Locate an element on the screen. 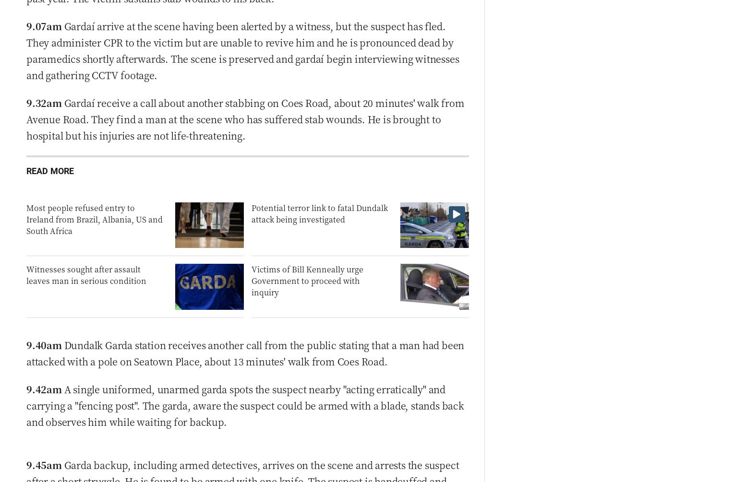 The height and width of the screenshot is (482, 744). 'A single uniformed, unarmed garda spots the suspect nearby "acting erratically" and carrying a "fencing post". The garda, aware the suspect could be armed with a blade, stands back and observes him while waiting for backup.' is located at coordinates (244, 404).